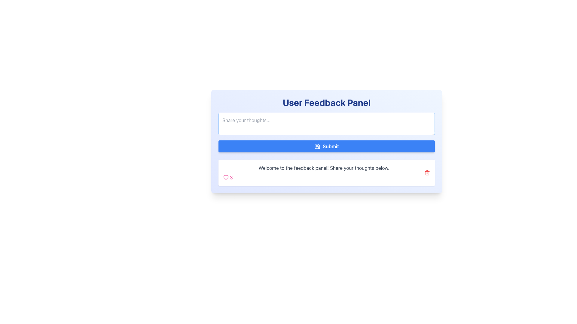  I want to click on the rectangular blue 'Submit' button with a save icon on the left and white text on the right, so click(326, 146).